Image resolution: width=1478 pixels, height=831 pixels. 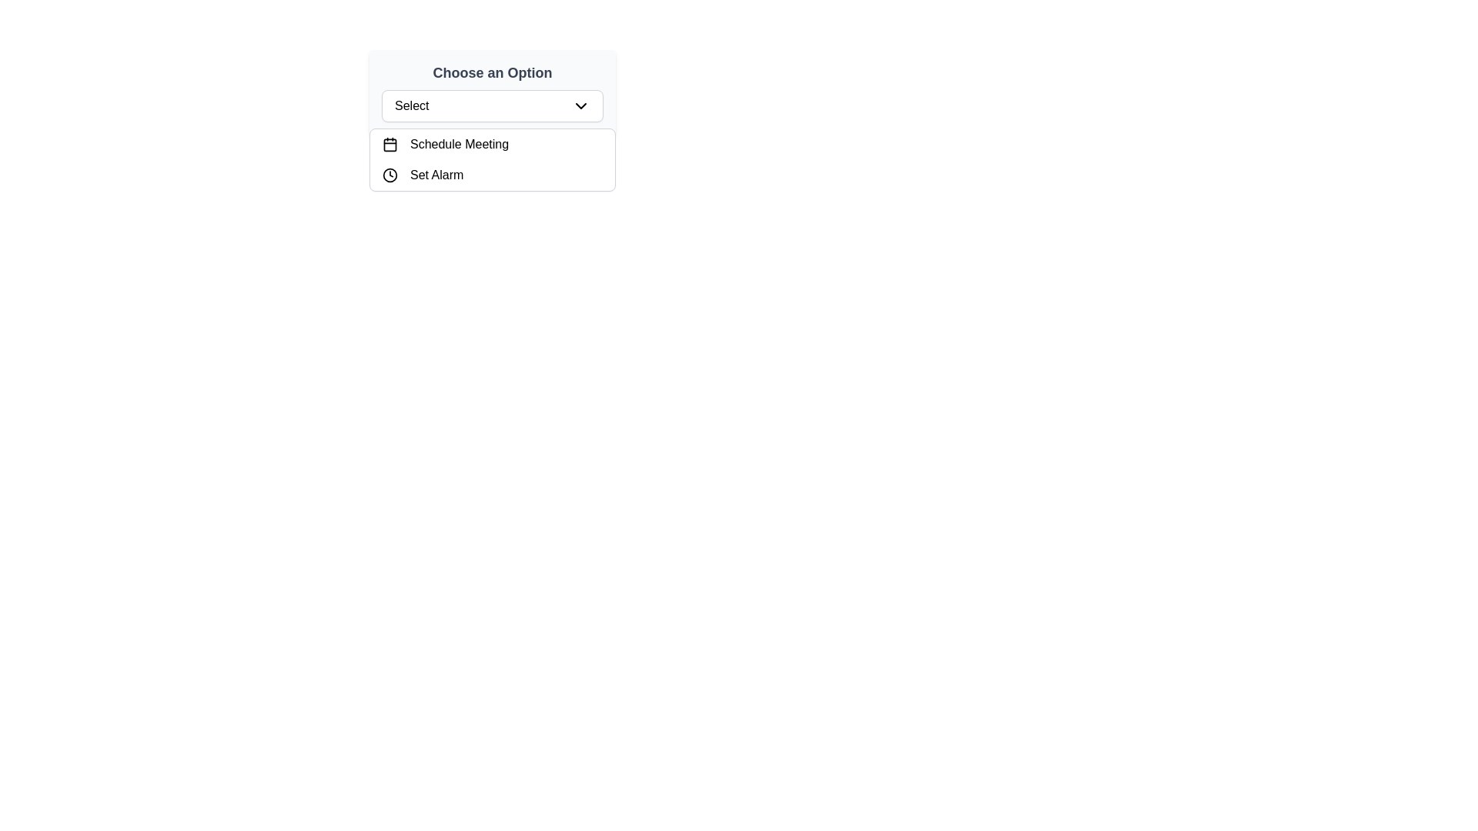 What do you see at coordinates (580, 105) in the screenshot?
I see `the downward-pointing chevron icon inside the 'Select' button to trigger visual feedback` at bounding box center [580, 105].